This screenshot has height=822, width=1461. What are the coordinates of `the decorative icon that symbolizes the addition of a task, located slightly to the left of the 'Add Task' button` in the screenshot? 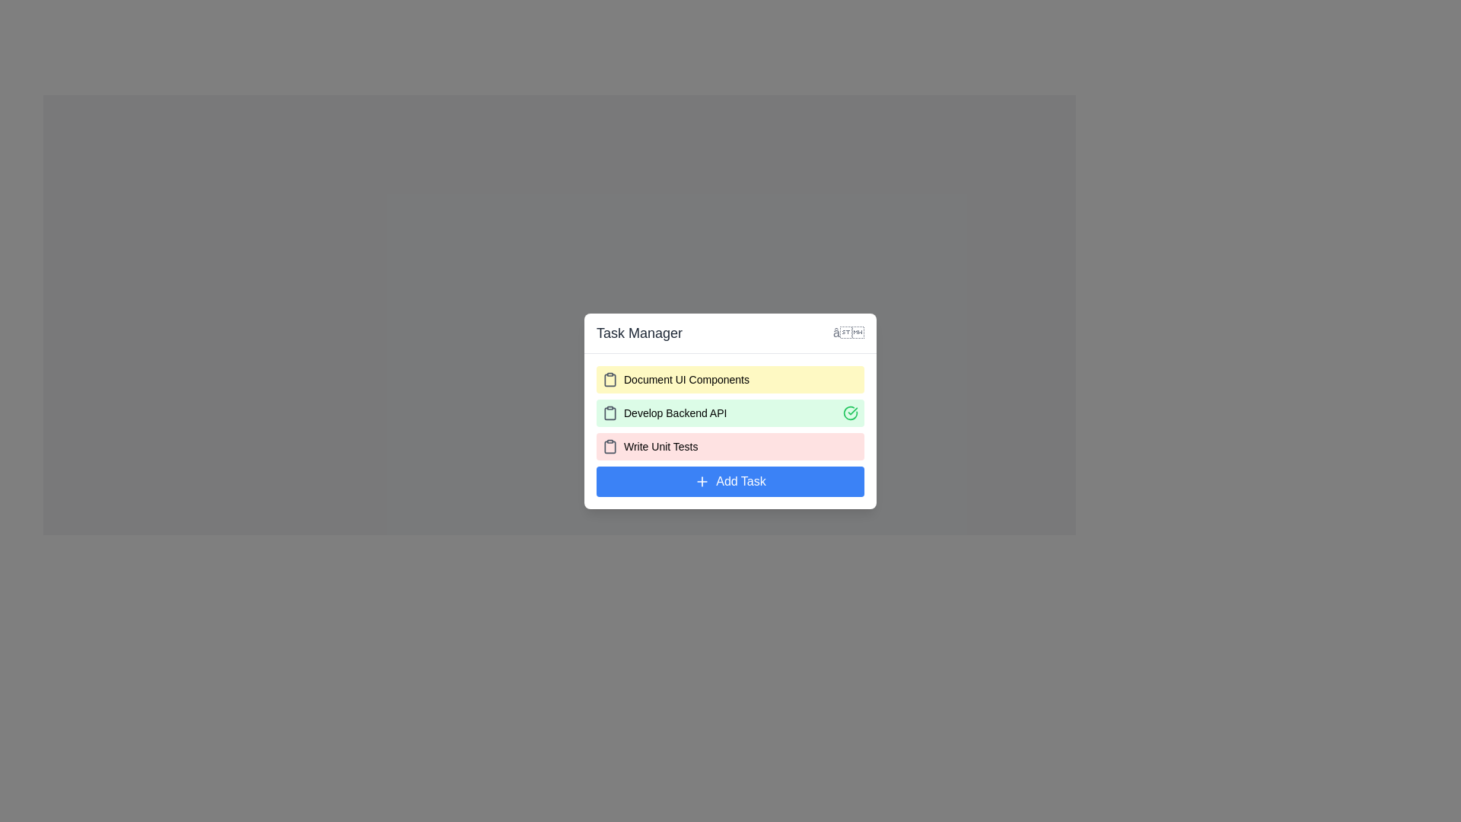 It's located at (702, 481).